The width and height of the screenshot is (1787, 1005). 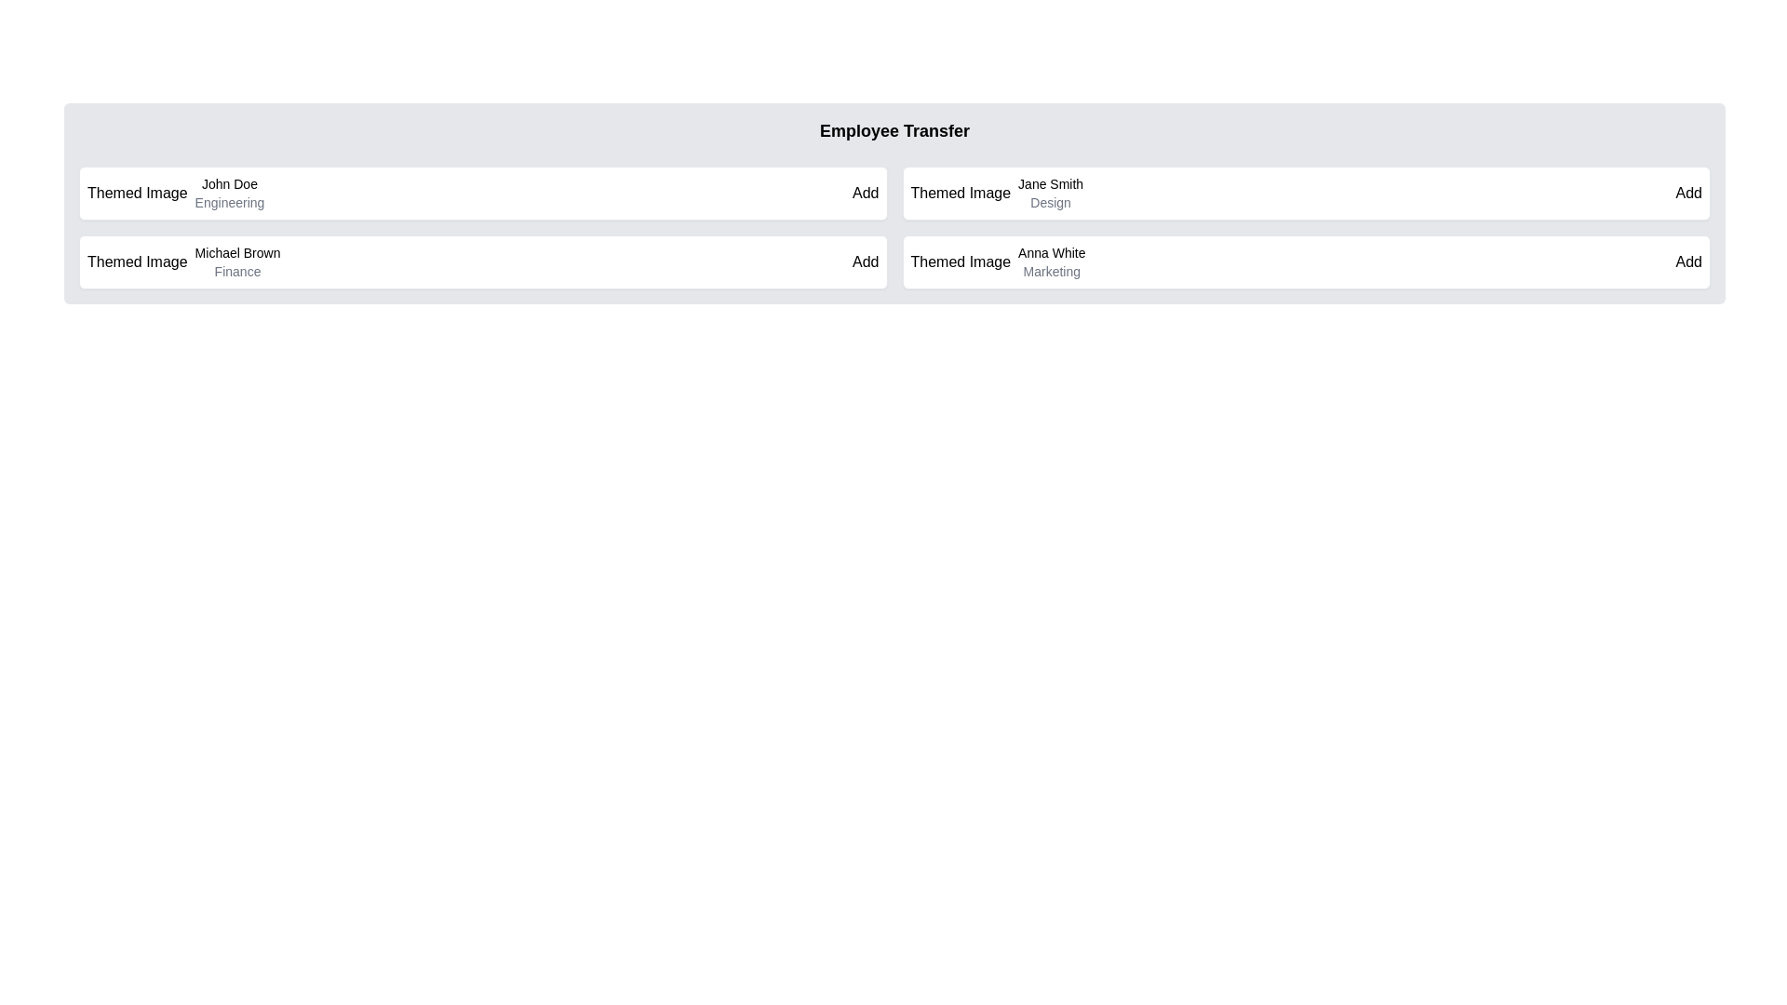 What do you see at coordinates (865, 261) in the screenshot?
I see `the button located at the far-right of the group containing 'Themed Image' on the left and 'Michael Brown' at the center to initiate the addition action` at bounding box center [865, 261].